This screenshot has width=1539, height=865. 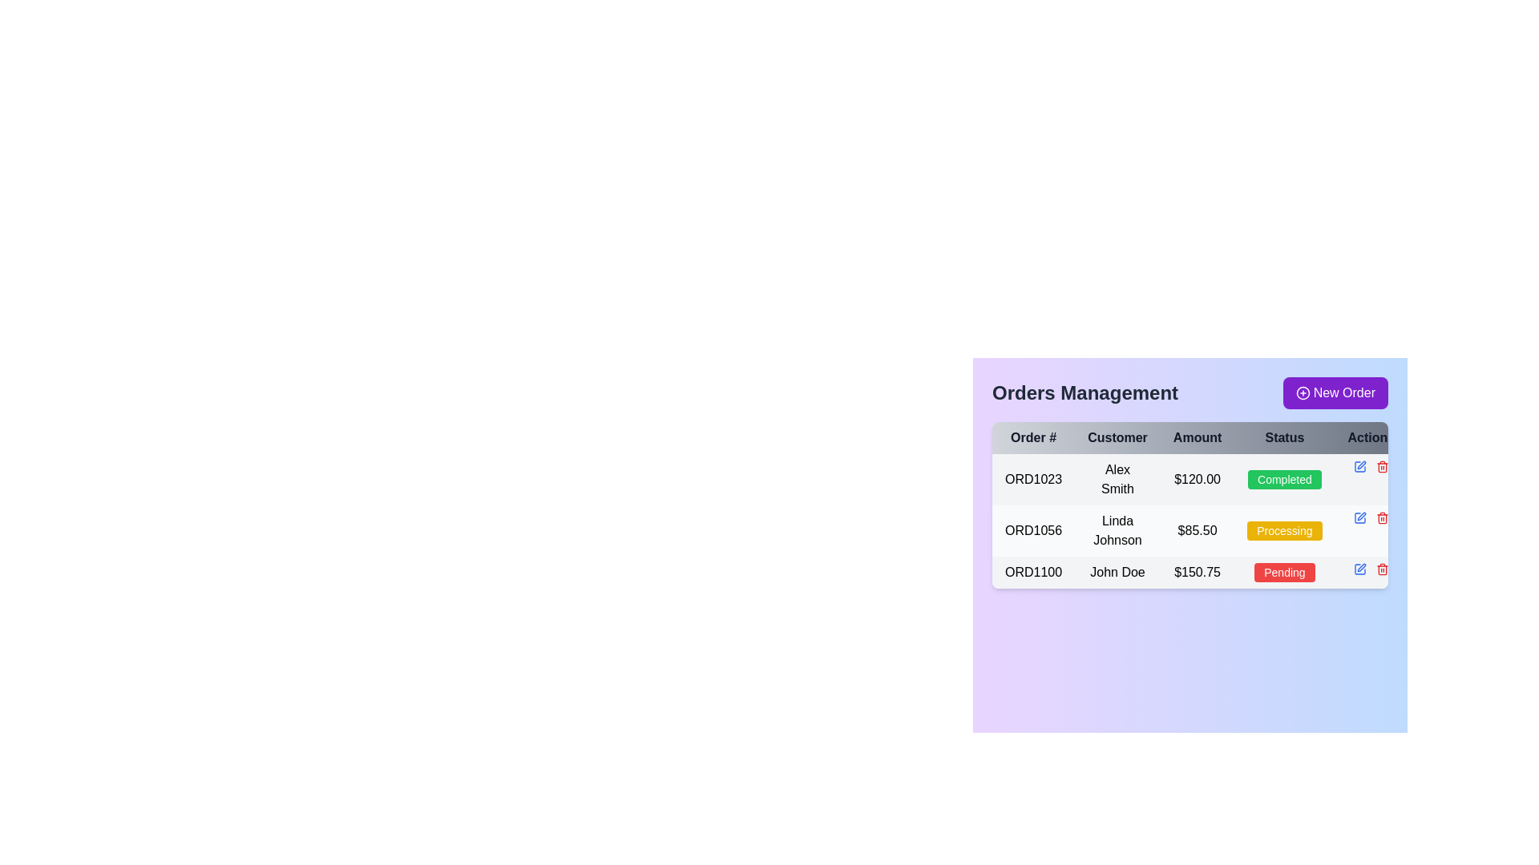 What do you see at coordinates (1303, 392) in the screenshot?
I see `the decorative icon within the 'New Order' button located in the upper-right corner of the 'Orders Management' interface` at bounding box center [1303, 392].